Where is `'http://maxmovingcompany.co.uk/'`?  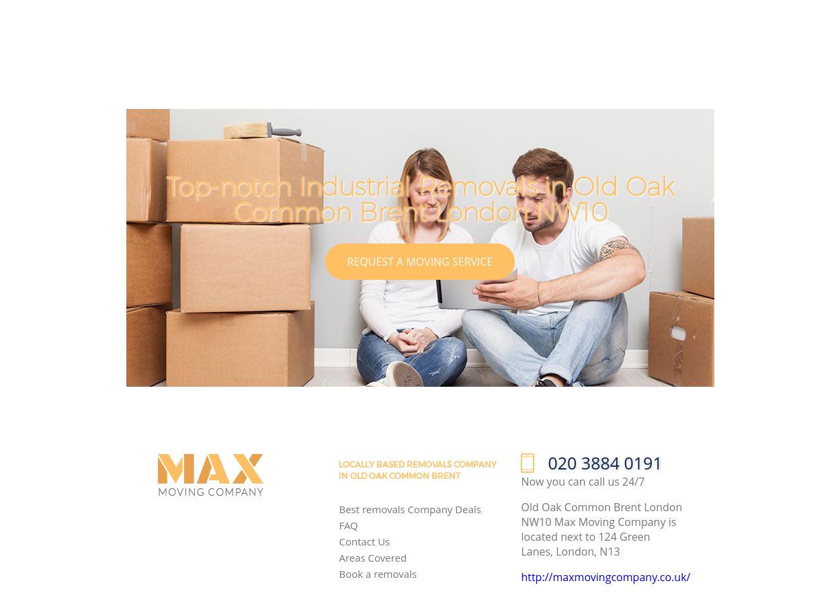
'http://maxmovingcompany.co.uk/' is located at coordinates (521, 576).